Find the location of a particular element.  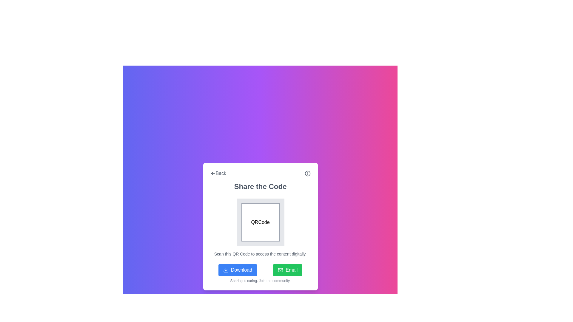

the larger gray square element that contains a smaller white square with the text 'QRCode' inside is located at coordinates (260, 222).